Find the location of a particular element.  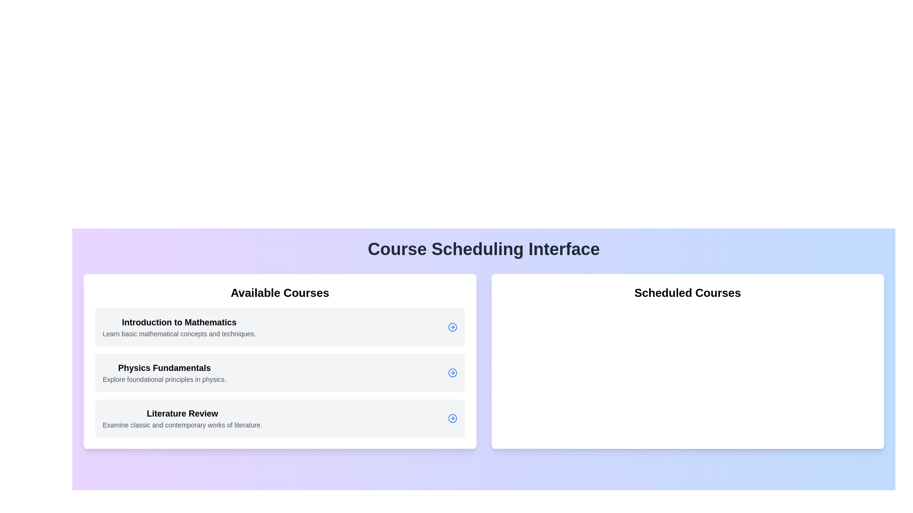

the static text heading that displays 'Course Scheduling Interface' in bold, large font, centrally aligned within a gradient background bar transitioning from purple to blue is located at coordinates (484, 248).